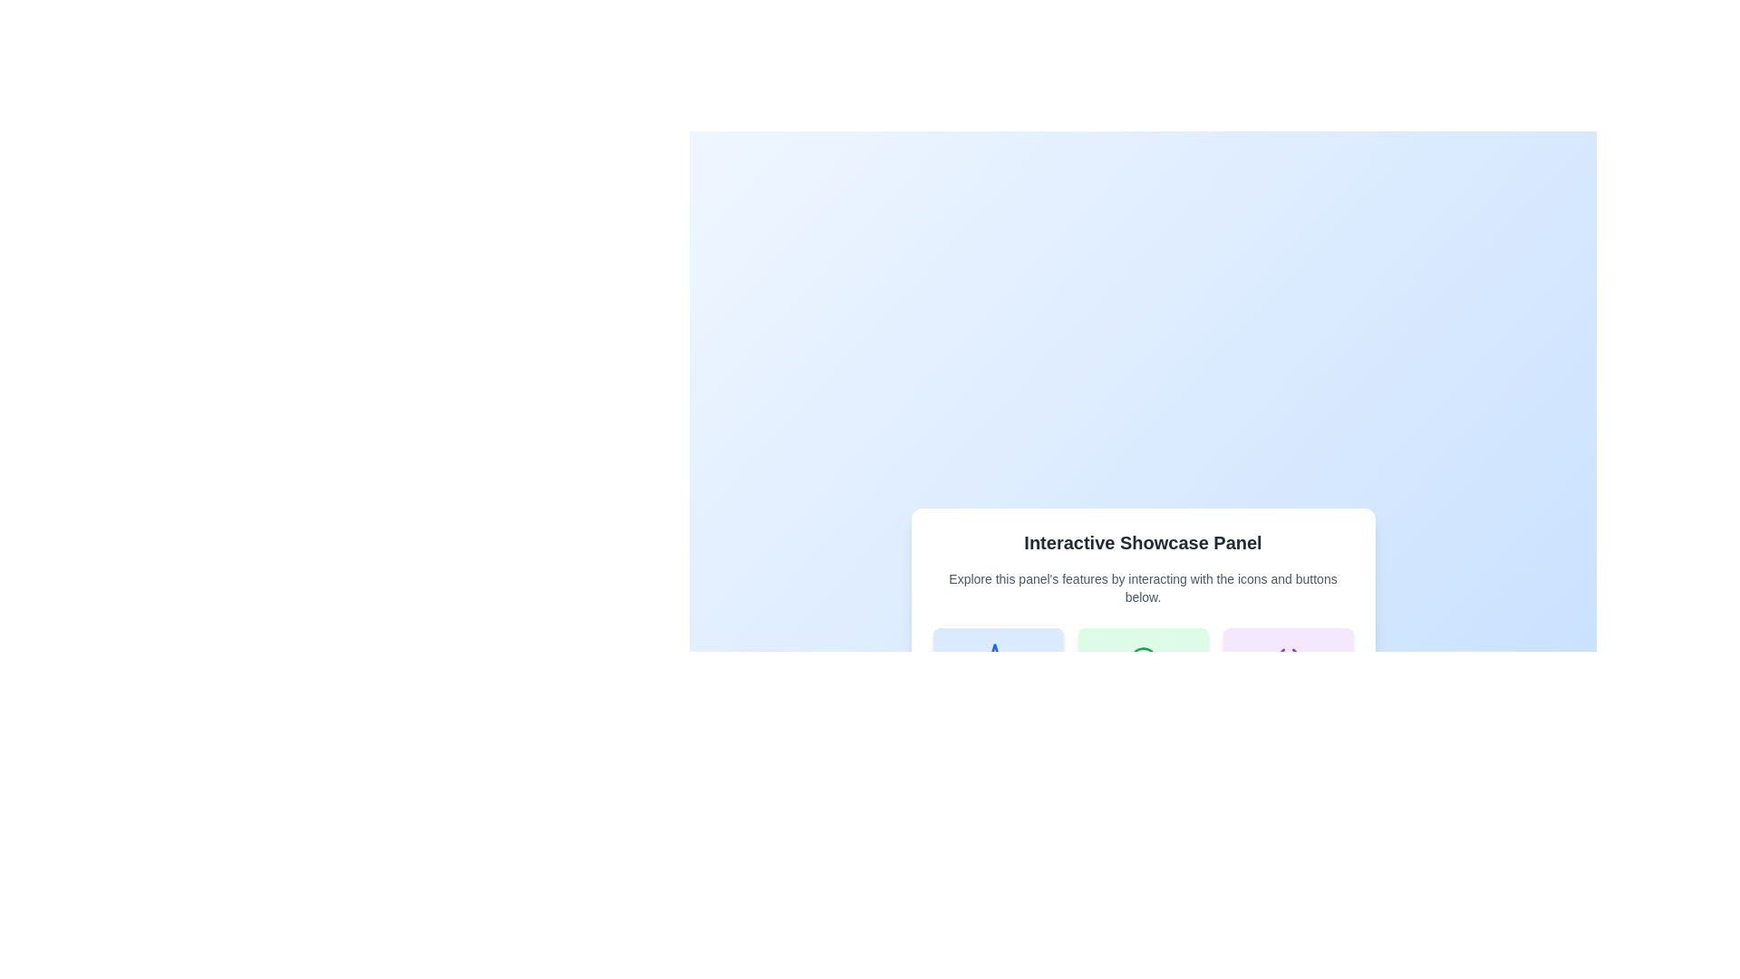  I want to click on the Text Label located under the header 'Interactive Showcase Panel', which is styled with a small font size and gray color, so click(1142, 587).